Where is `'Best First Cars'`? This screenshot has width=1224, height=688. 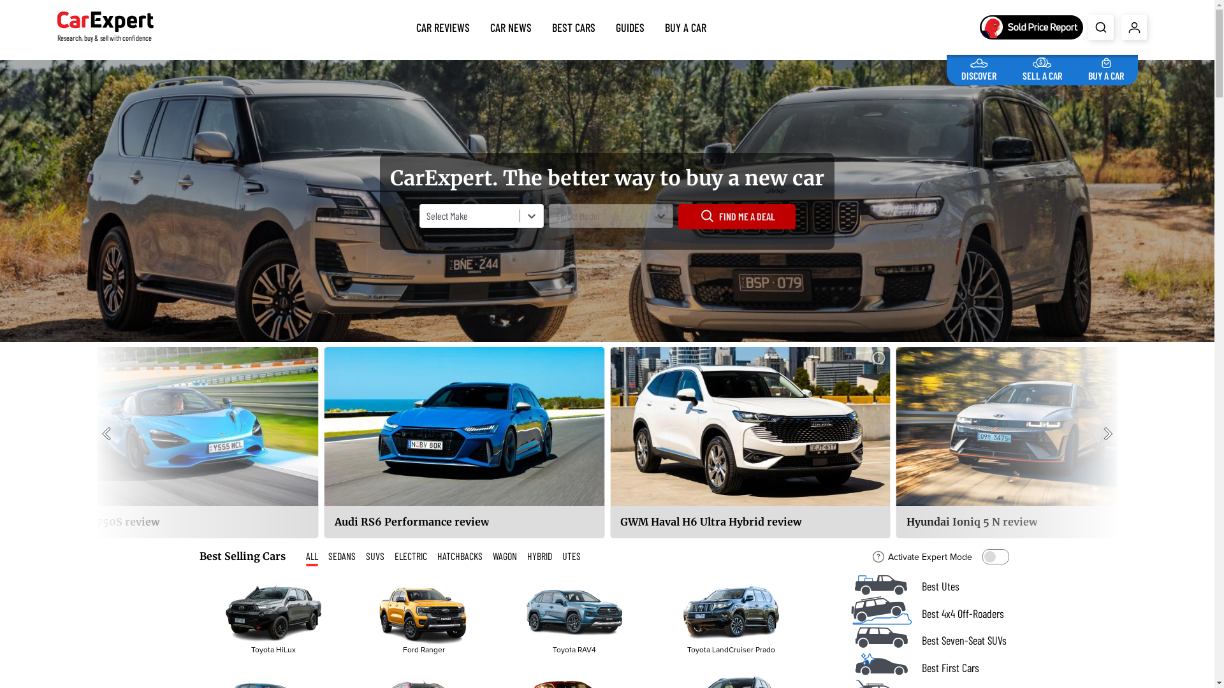
'Best First Cars' is located at coordinates (932, 667).